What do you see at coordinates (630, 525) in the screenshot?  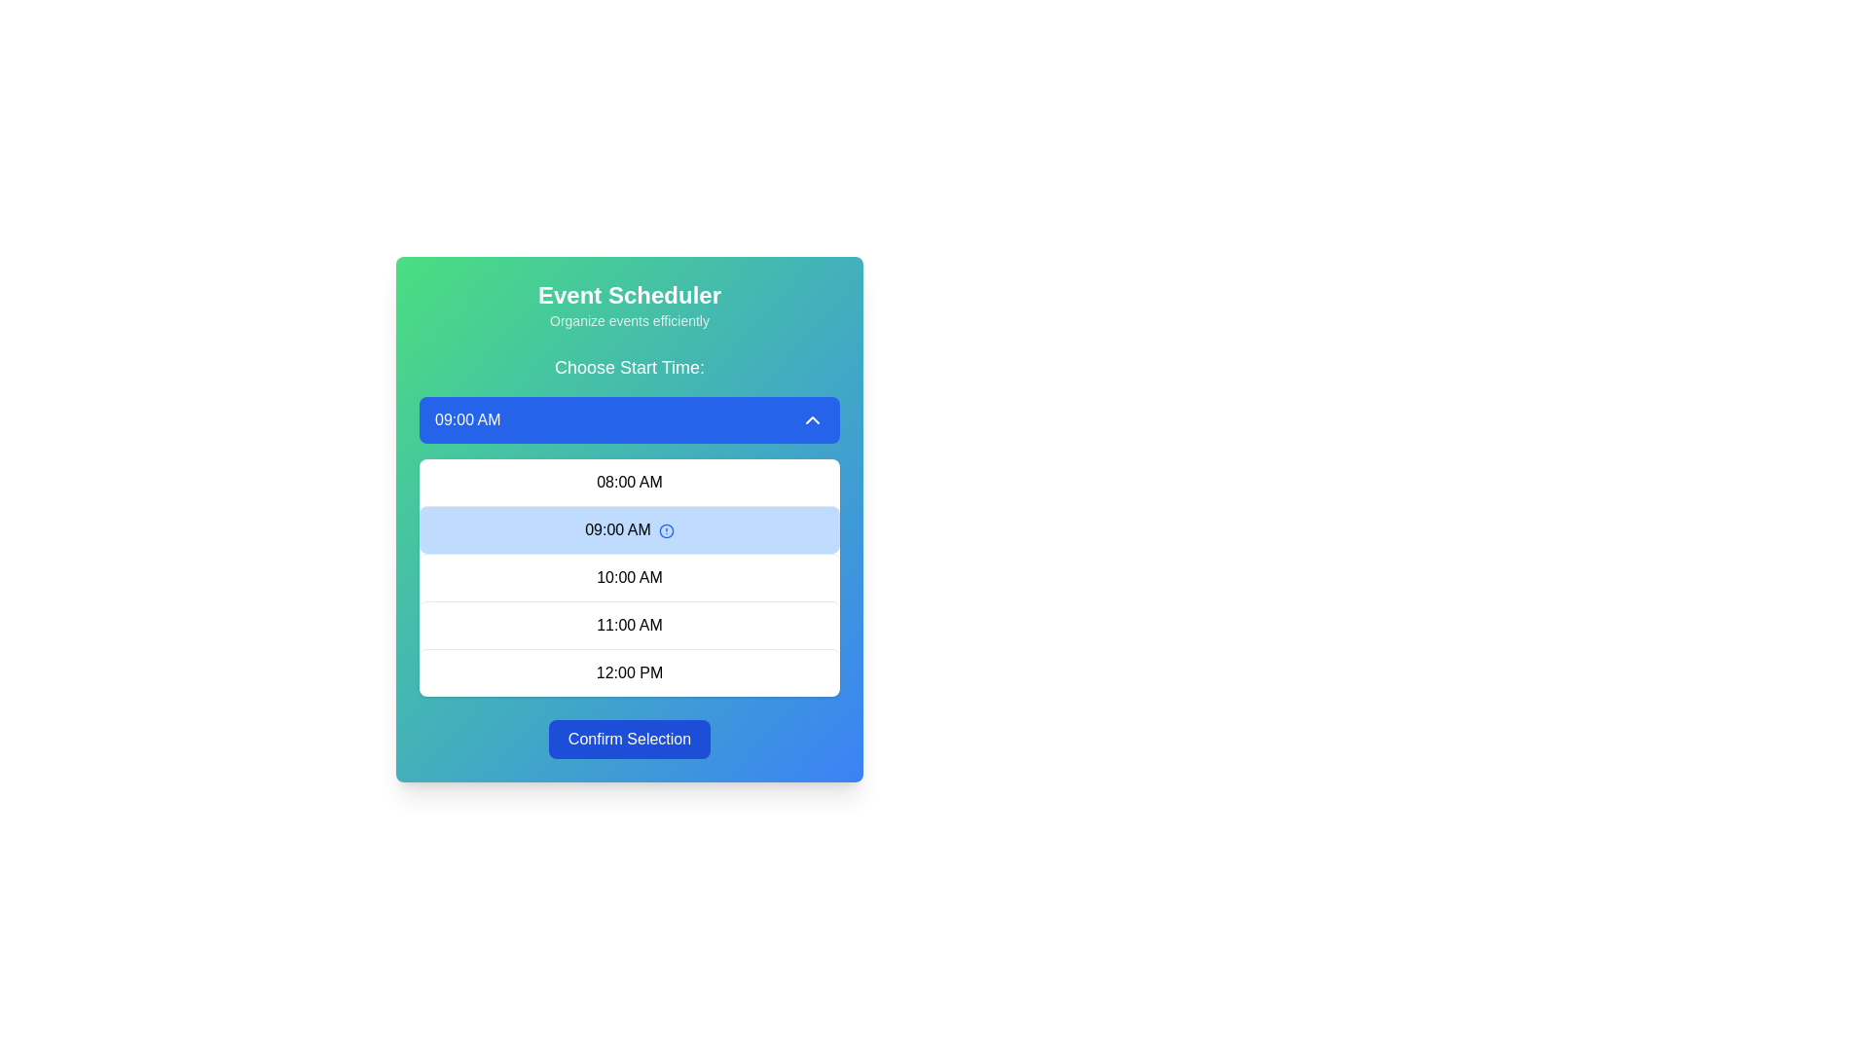 I see `the time option in the dropdown menu labeled 'Choose Start Time:'` at bounding box center [630, 525].